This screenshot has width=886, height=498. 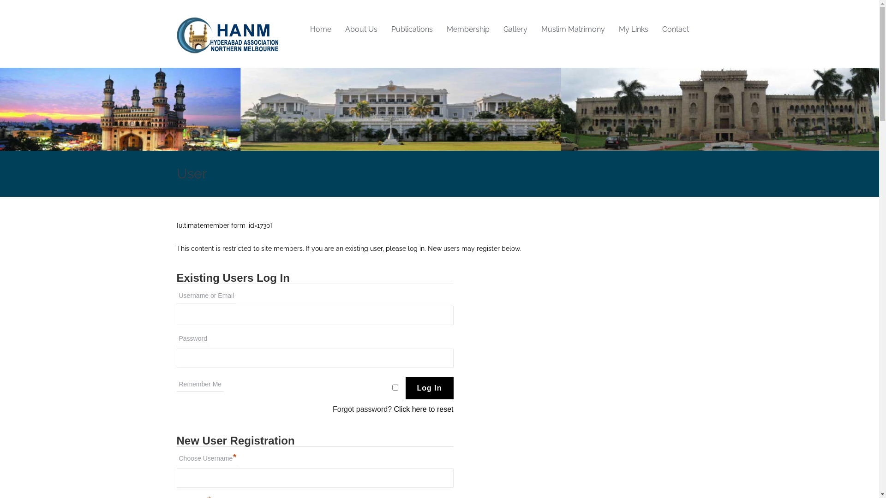 I want to click on 'About Us', so click(x=337, y=29).